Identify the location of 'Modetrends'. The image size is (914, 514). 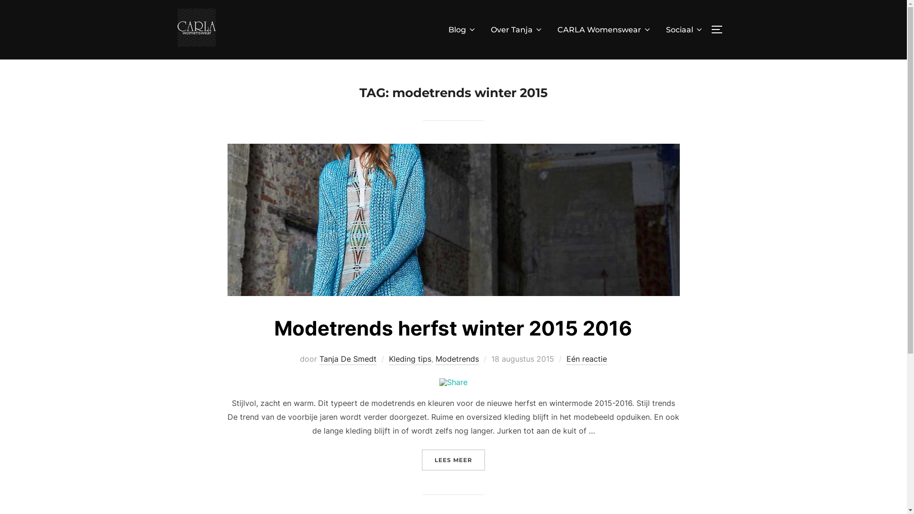
(457, 359).